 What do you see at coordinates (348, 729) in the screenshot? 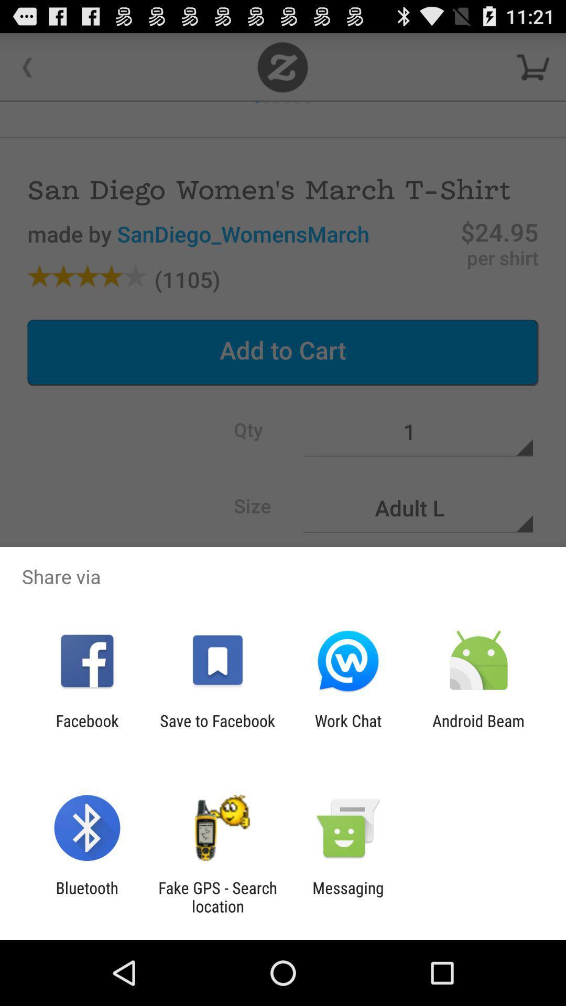
I see `work chat icon` at bounding box center [348, 729].